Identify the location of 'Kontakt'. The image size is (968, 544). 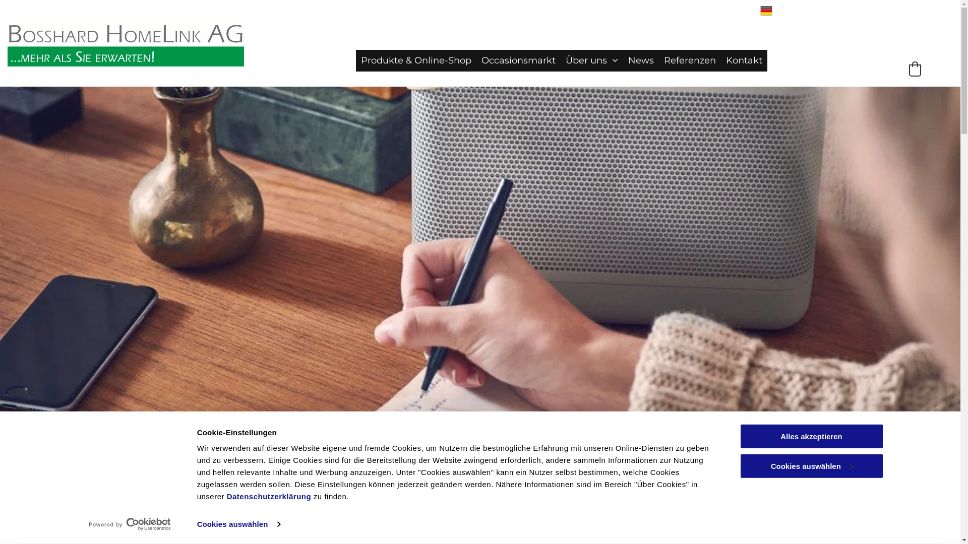
(720, 60).